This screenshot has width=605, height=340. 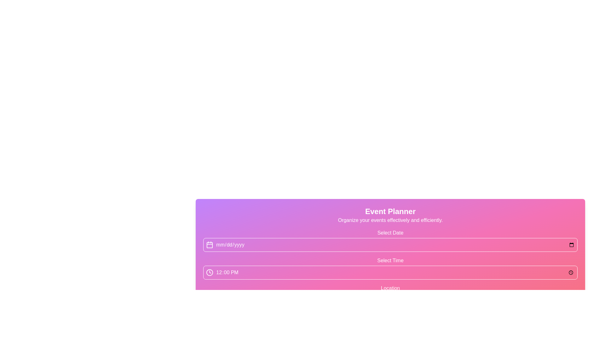 I want to click on the prominently displayed text 'Event Planner' in bold white font, which is located at the top of a gradient background transitioning from purple to pink, so click(x=390, y=211).